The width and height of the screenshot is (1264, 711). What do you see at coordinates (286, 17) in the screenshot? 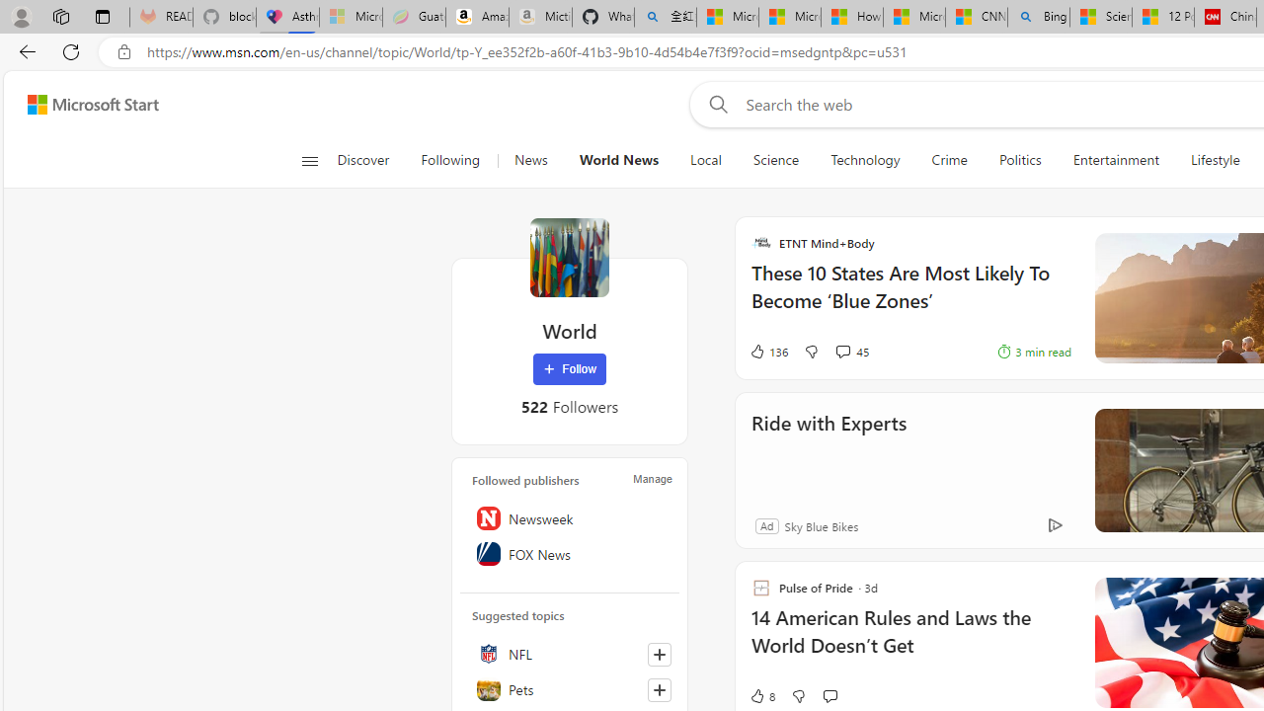
I see `'Asthma Inhalers: Names and Types'` at bounding box center [286, 17].